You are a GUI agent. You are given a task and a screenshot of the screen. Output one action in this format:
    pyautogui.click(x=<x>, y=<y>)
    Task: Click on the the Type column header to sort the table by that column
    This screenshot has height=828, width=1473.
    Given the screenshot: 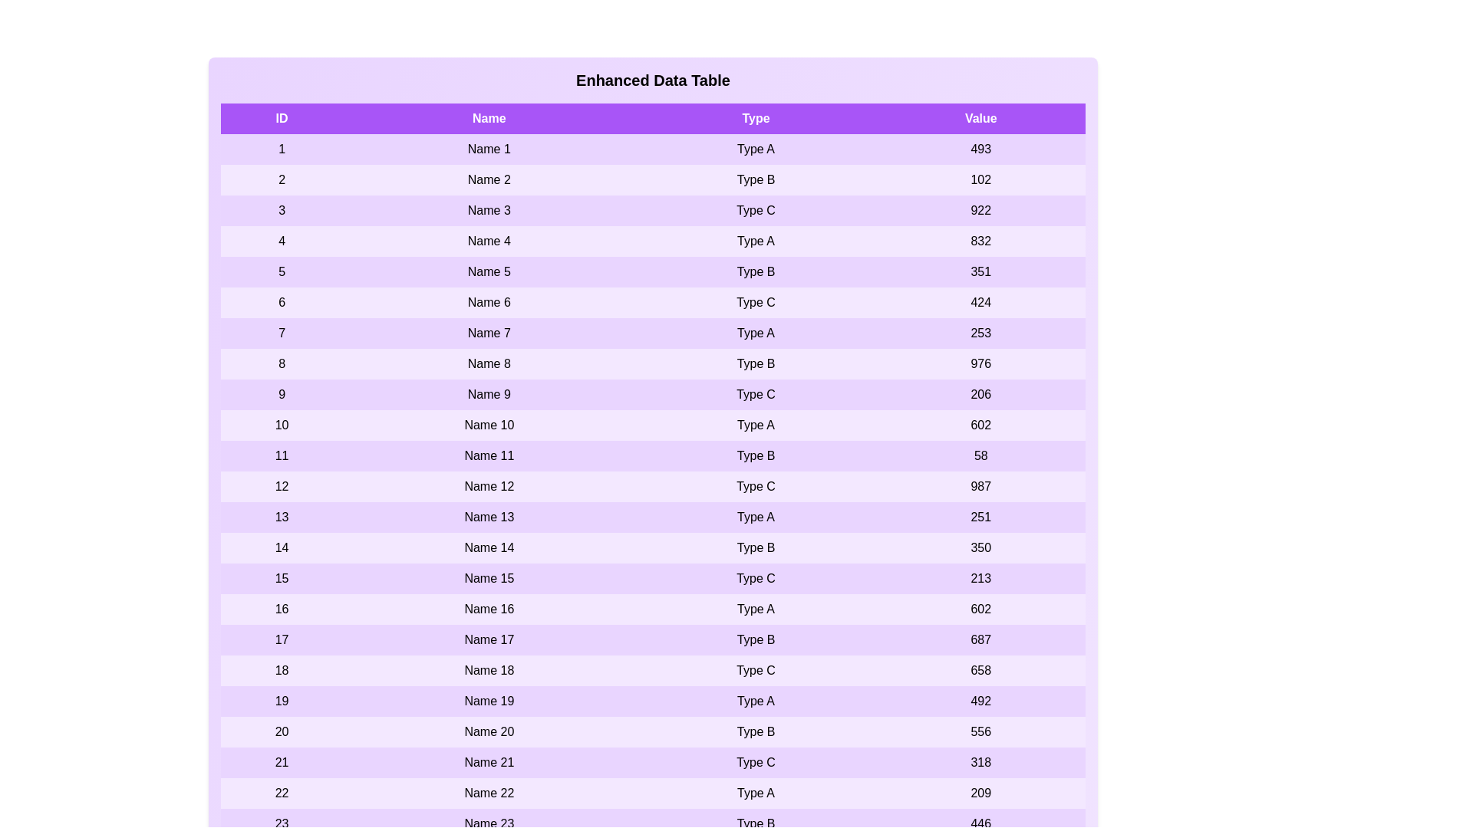 What is the action you would take?
    pyautogui.click(x=756, y=117)
    